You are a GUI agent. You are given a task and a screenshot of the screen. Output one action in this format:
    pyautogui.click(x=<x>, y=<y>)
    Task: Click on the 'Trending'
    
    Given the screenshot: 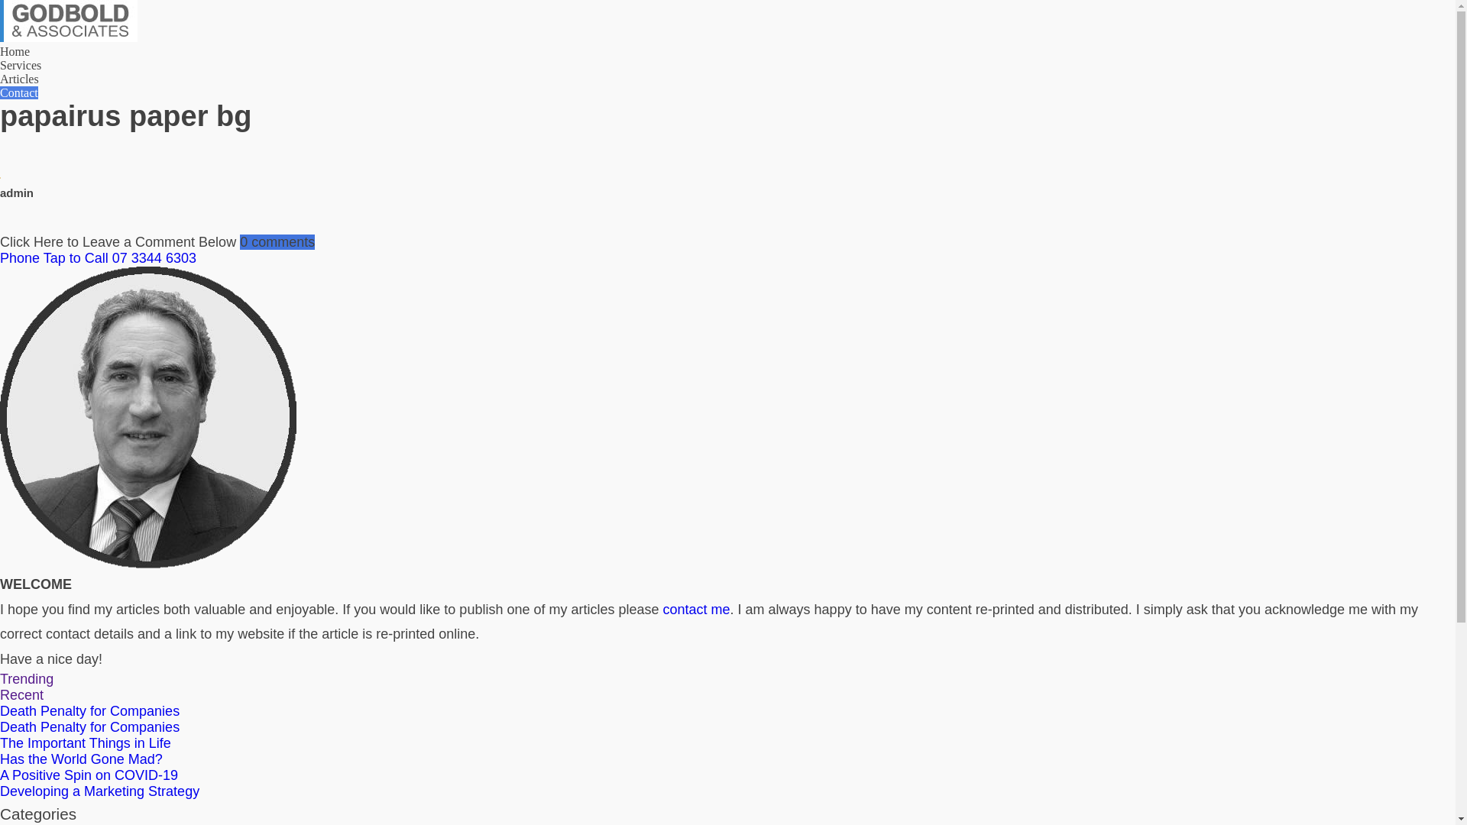 What is the action you would take?
    pyautogui.click(x=0, y=678)
    